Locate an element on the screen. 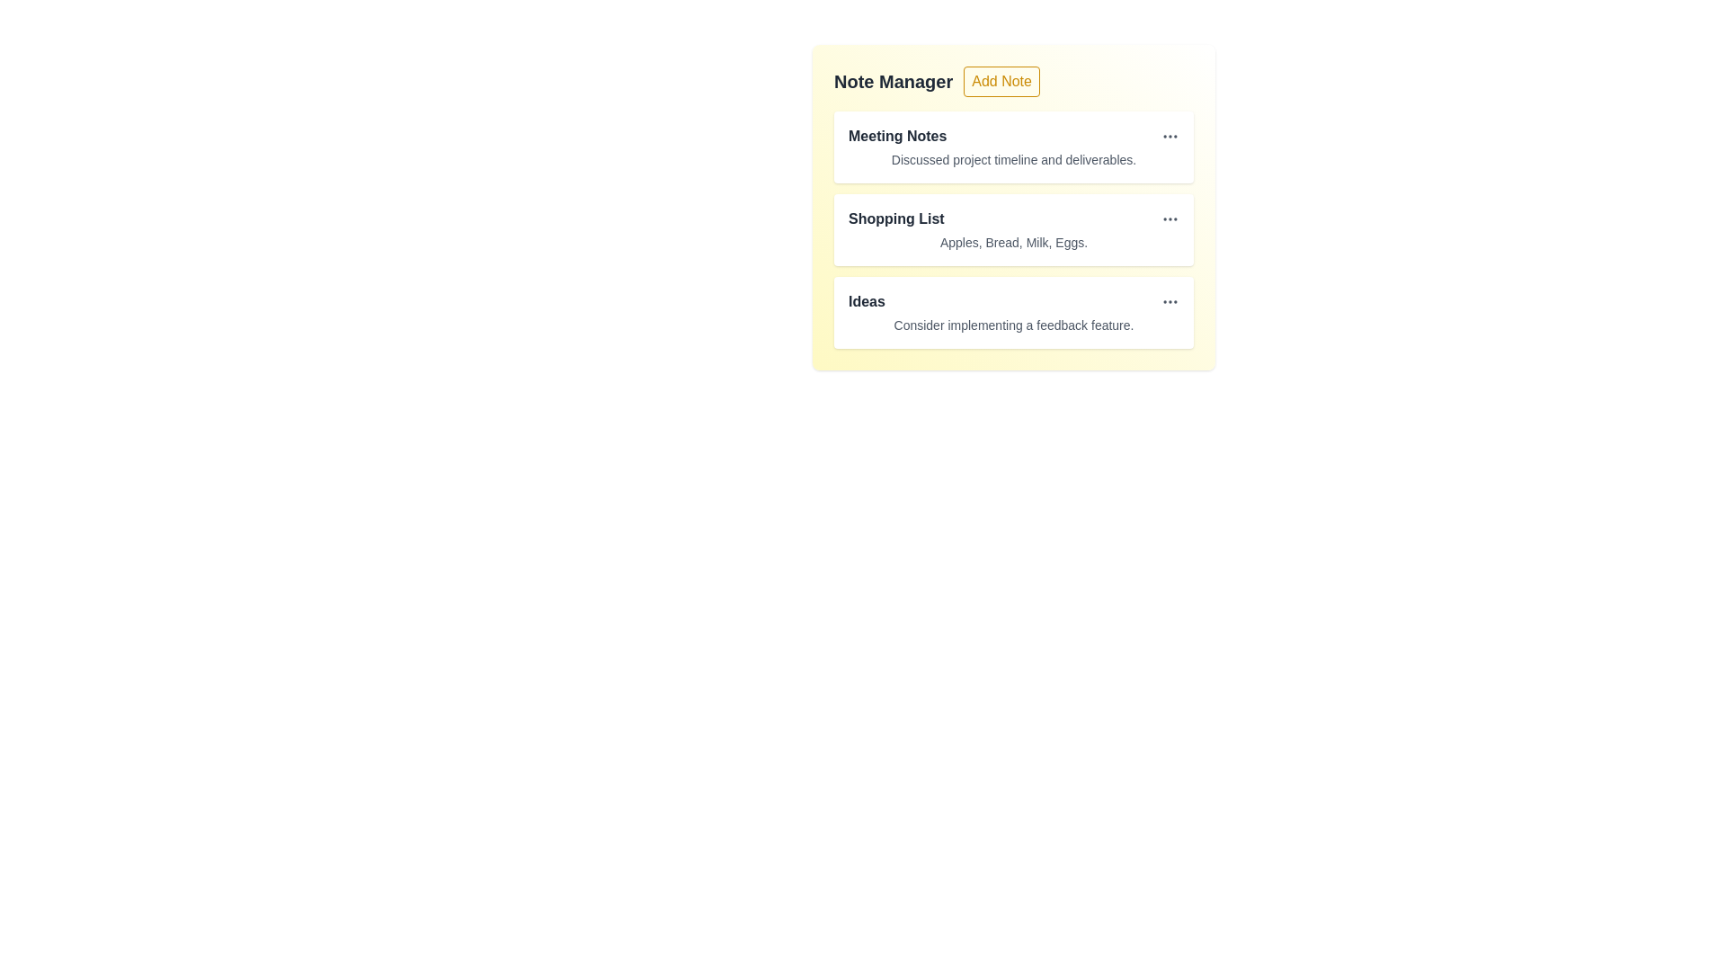 Image resolution: width=1726 pixels, height=971 pixels. 'Add Note' button to initiate the note addition action is located at coordinates (1000, 82).